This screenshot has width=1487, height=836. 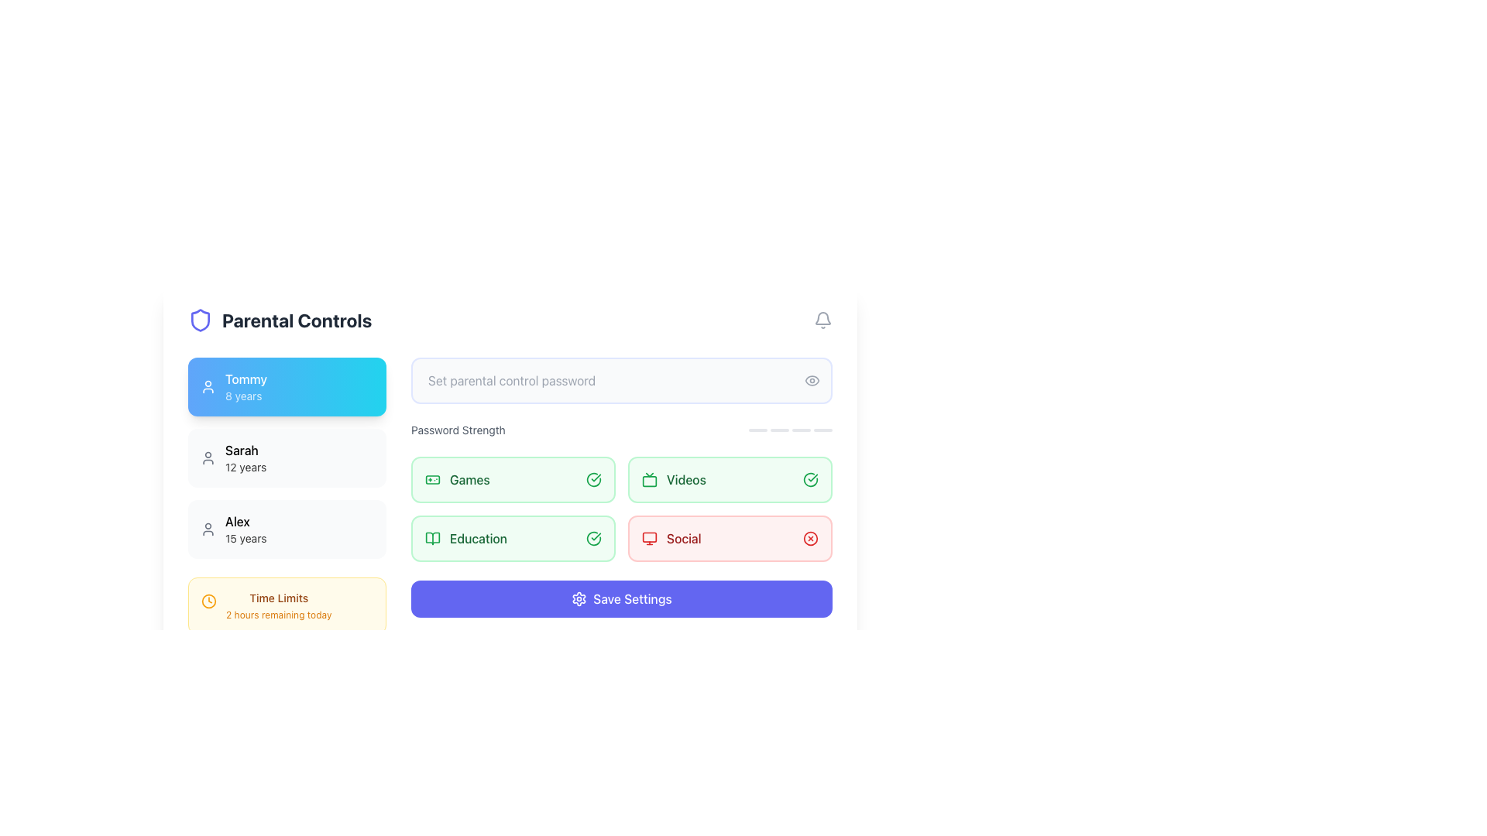 What do you see at coordinates (207, 528) in the screenshot?
I see `the user profile silhouette icon for 'Alex, 15 years', located in the vertical list of user profiles under 'Parental Controls'` at bounding box center [207, 528].